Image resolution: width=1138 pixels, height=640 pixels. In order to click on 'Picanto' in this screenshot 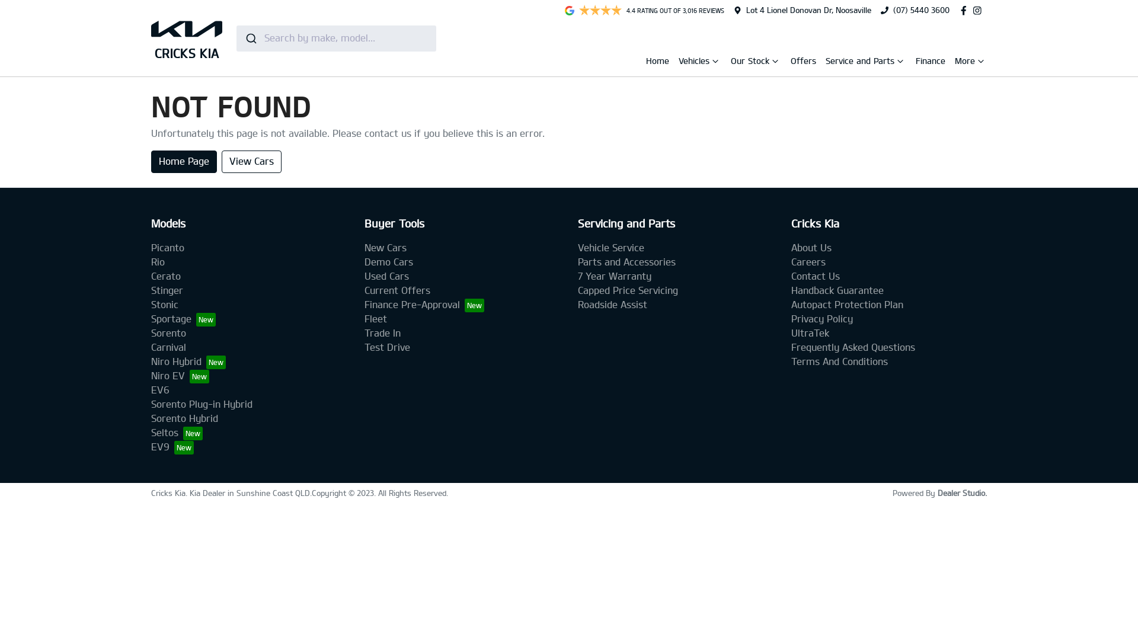, I will do `click(150, 247)`.